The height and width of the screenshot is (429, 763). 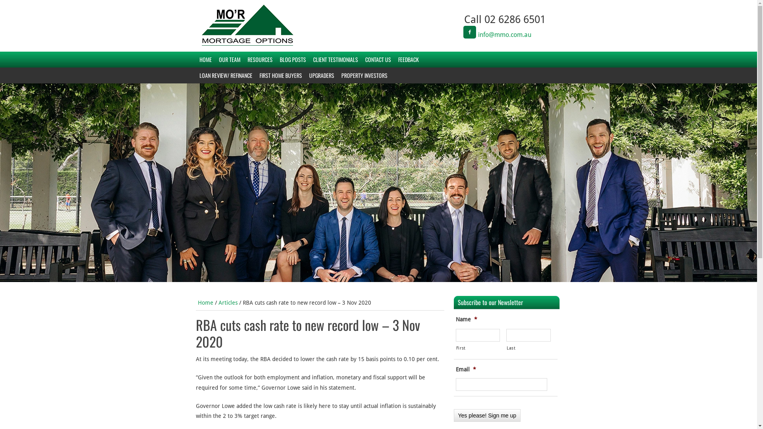 I want to click on 'Home', so click(x=198, y=303).